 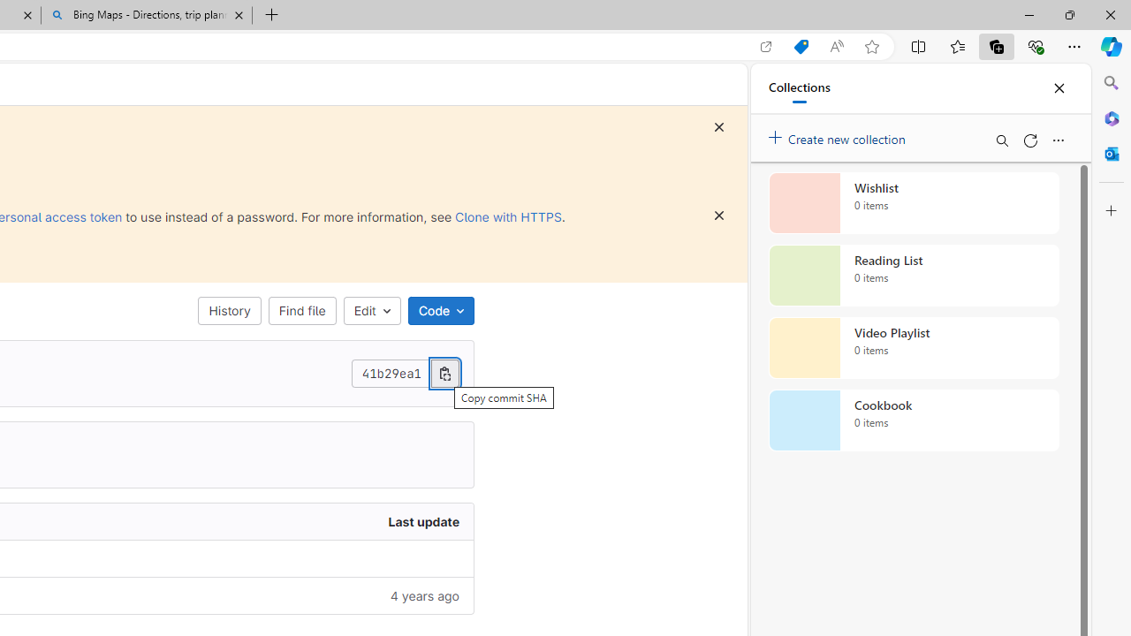 What do you see at coordinates (839, 134) in the screenshot?
I see `'Create new collection'` at bounding box center [839, 134].